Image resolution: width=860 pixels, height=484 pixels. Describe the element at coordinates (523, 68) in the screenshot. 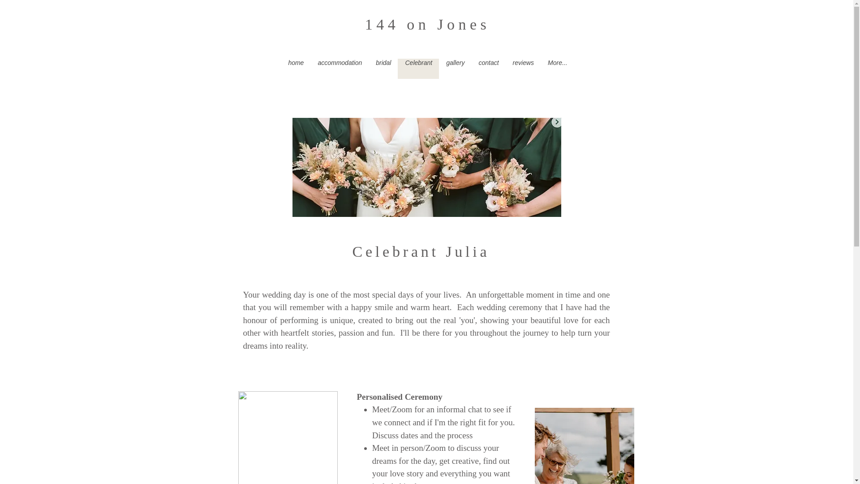

I see `'reviews'` at that location.